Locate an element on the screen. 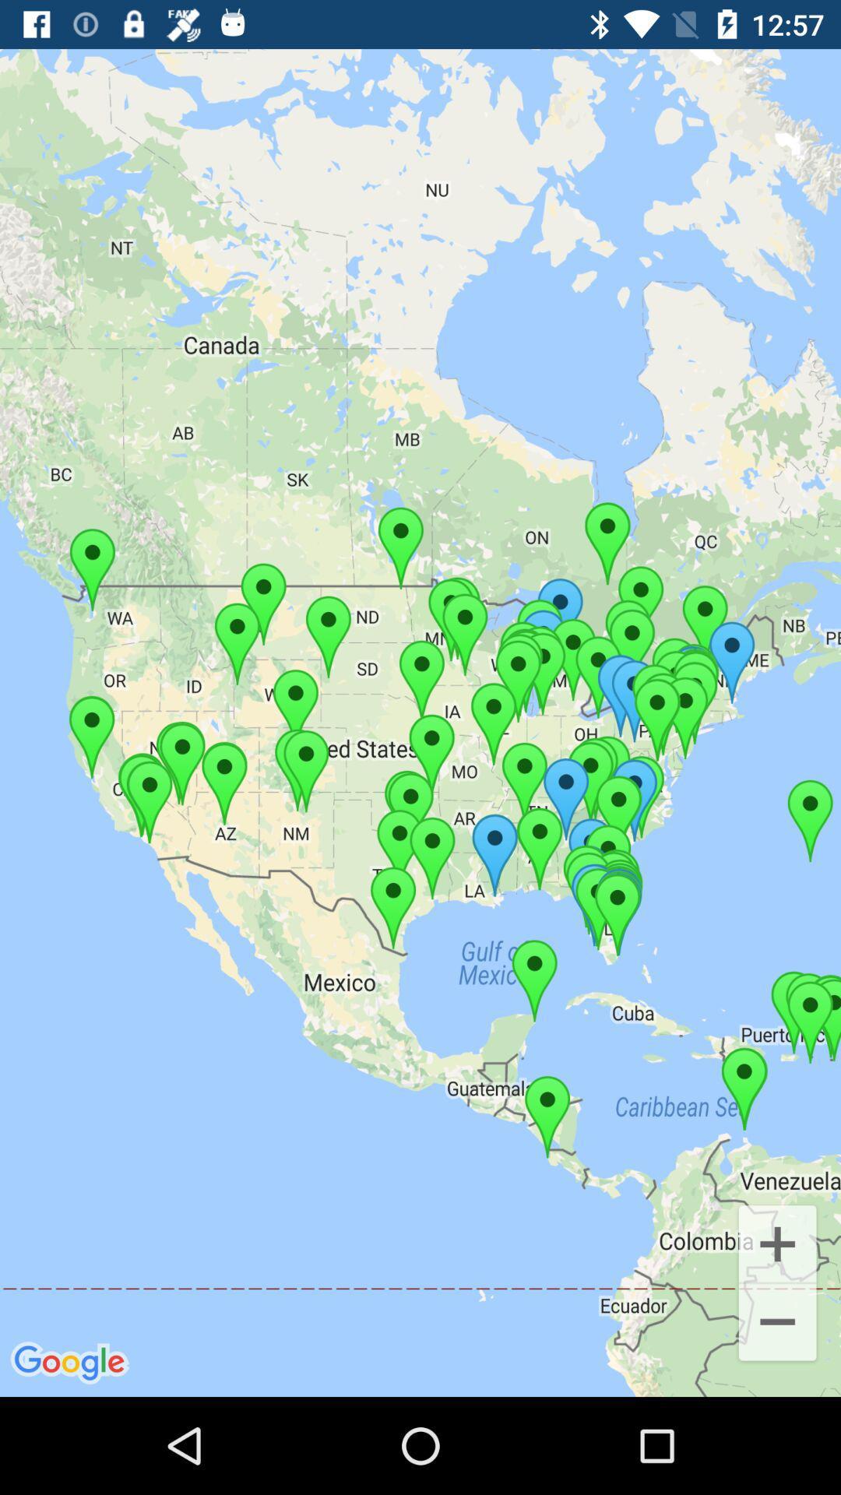  the item at the center is located at coordinates (420, 722).